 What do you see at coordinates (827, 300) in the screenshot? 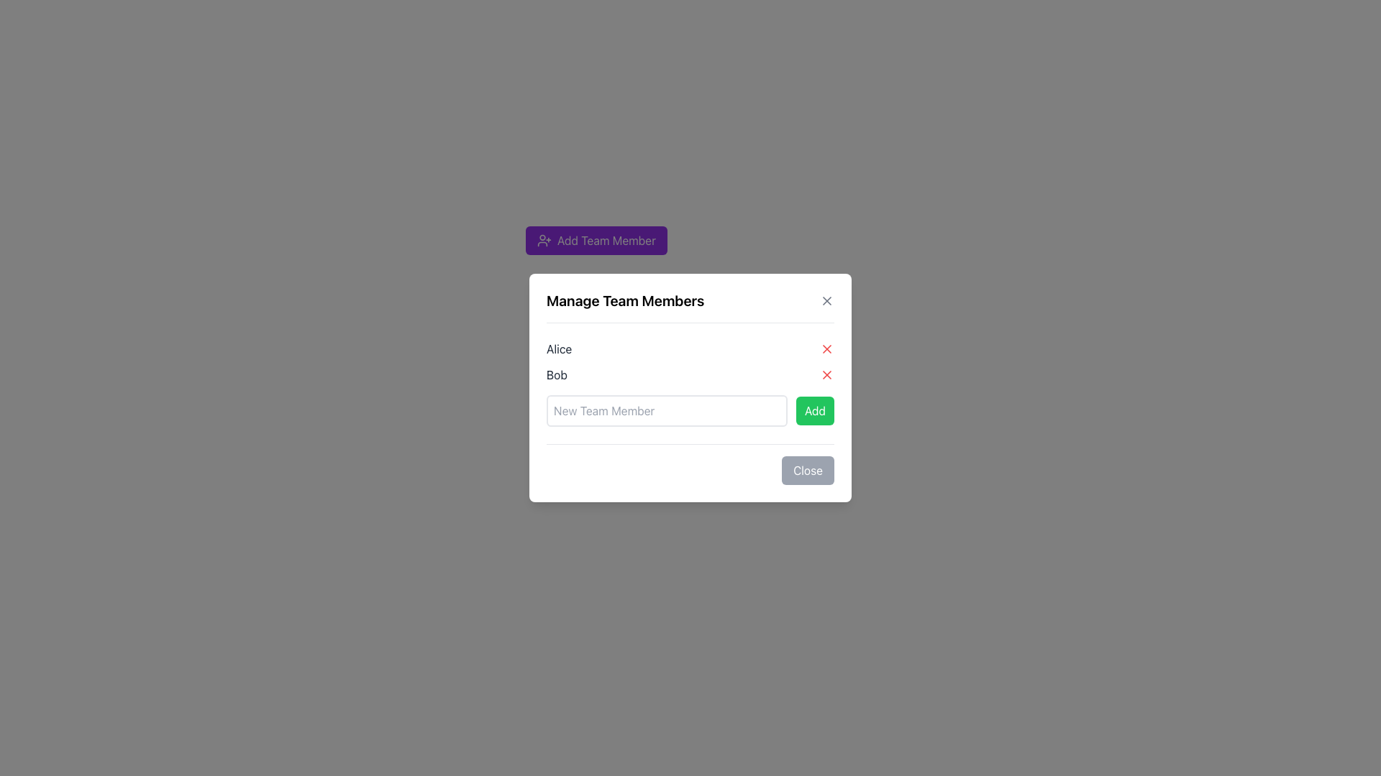
I see `the 'X' icon located in the top-right corner of the 'Manage Team Members' dialog box, next to its title` at bounding box center [827, 300].